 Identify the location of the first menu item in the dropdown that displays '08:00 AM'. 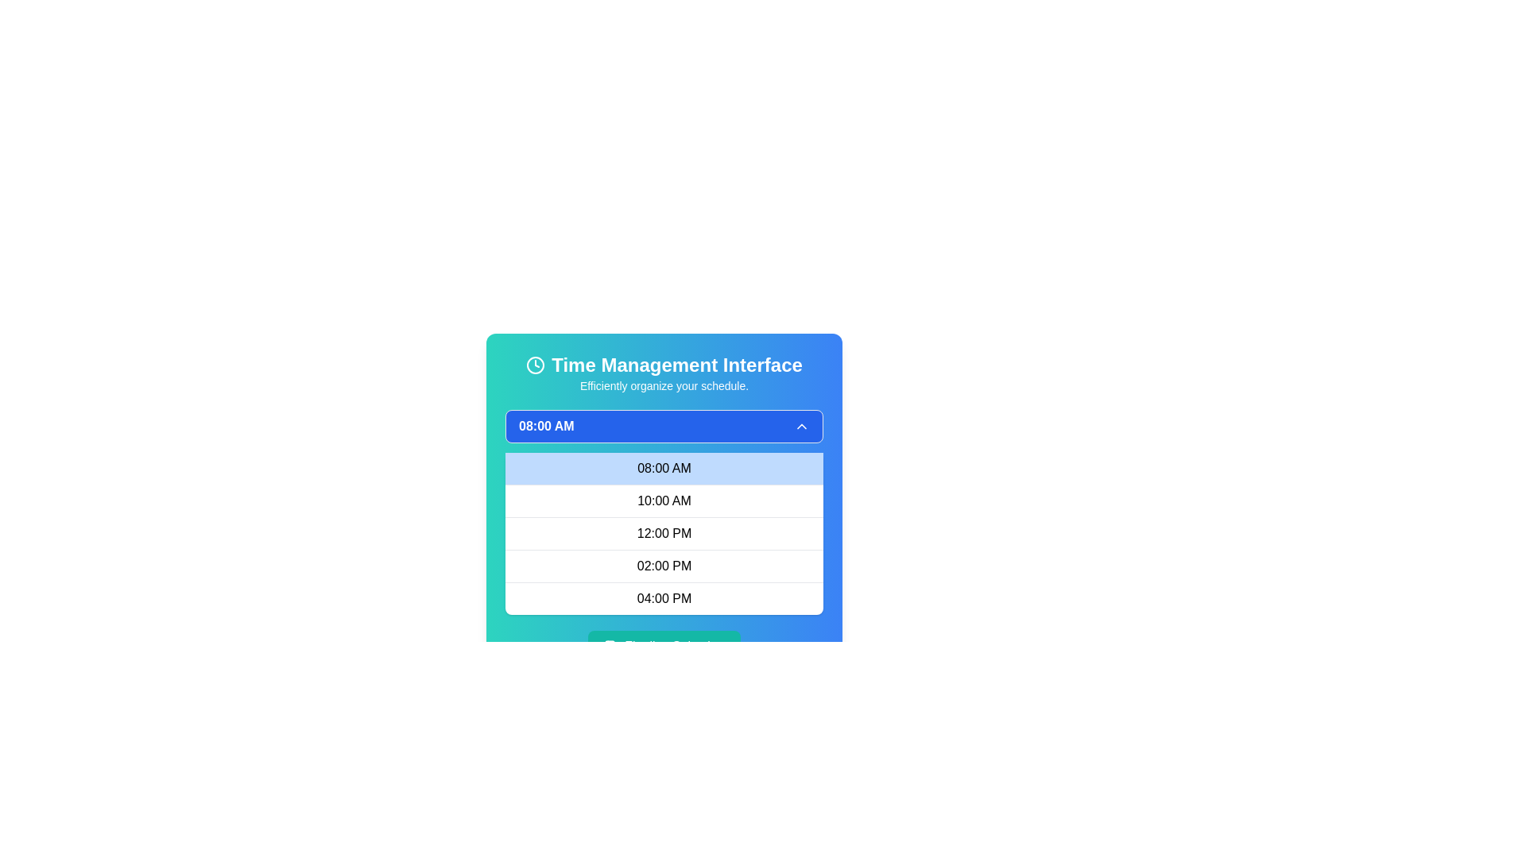
(664, 468).